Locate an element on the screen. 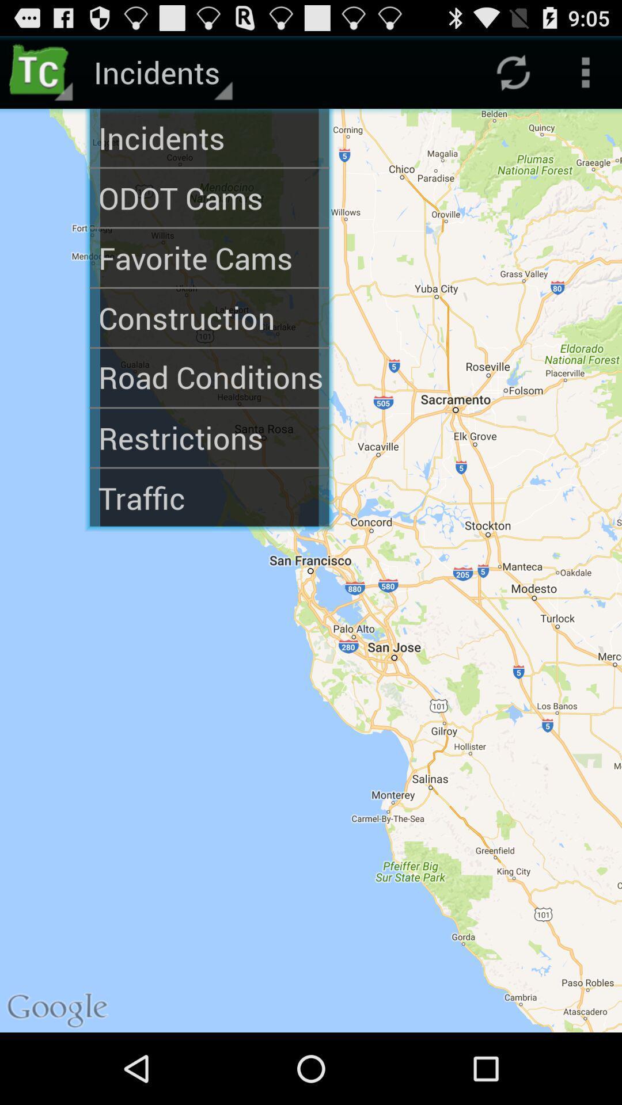 Image resolution: width=622 pixels, height=1105 pixels. favorite cams item is located at coordinates (209, 257).